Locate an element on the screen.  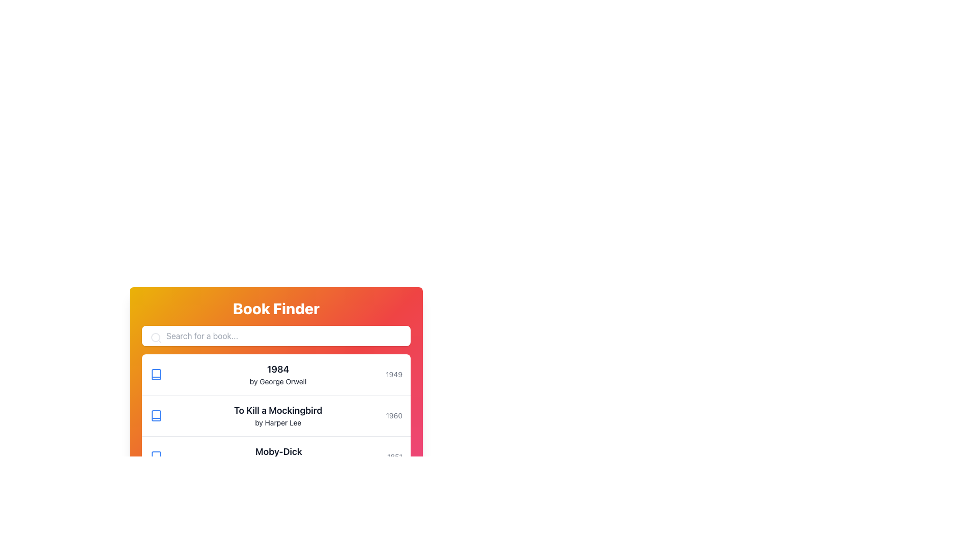
the static text label displaying 'by George Orwell', which is located immediately below the title '1984' in the vertical list of book entries is located at coordinates (278, 382).